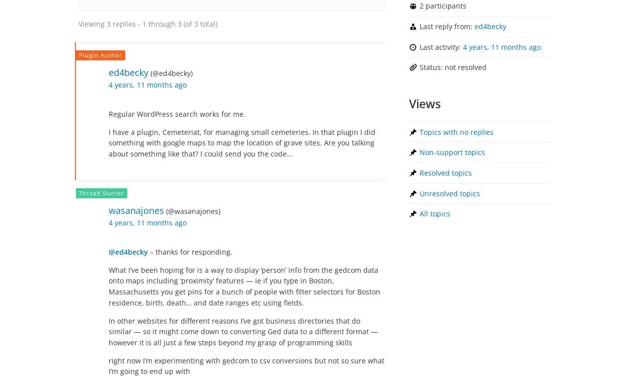 This screenshot has height=376, width=629. I want to click on '– thanks for responding.', so click(190, 251).